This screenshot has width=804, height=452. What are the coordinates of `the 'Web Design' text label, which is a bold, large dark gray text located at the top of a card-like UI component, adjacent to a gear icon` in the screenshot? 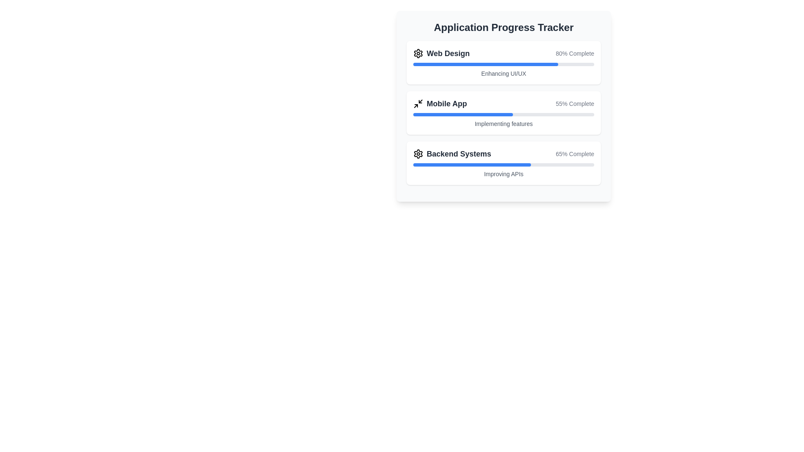 It's located at (448, 53).